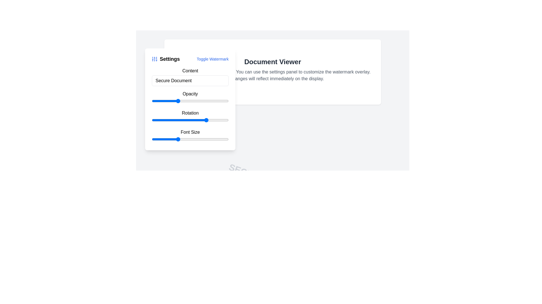 This screenshot has width=542, height=304. I want to click on rotation, so click(196, 120).